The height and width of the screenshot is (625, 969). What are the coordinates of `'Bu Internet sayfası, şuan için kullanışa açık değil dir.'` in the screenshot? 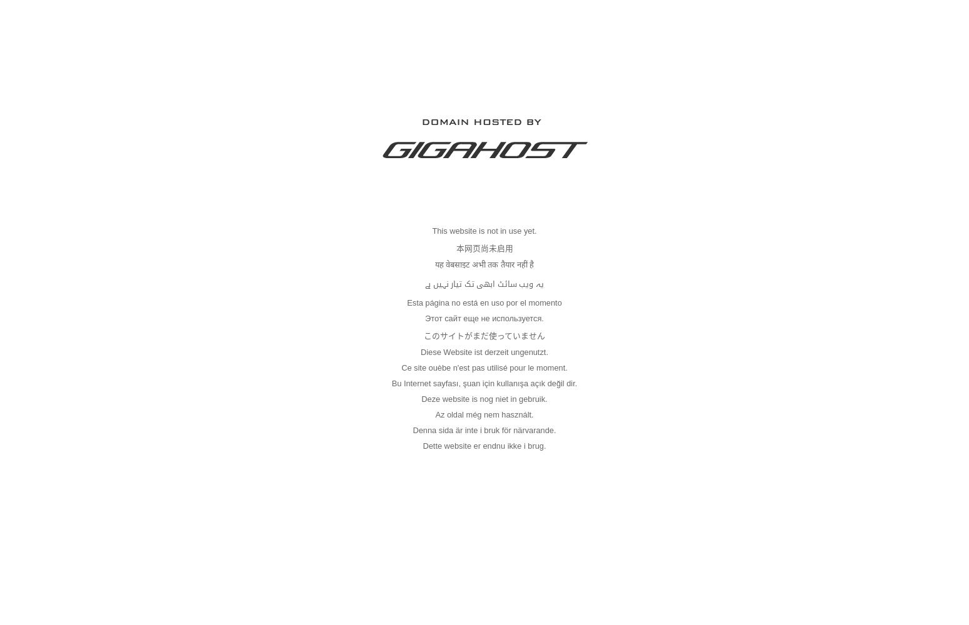 It's located at (484, 382).